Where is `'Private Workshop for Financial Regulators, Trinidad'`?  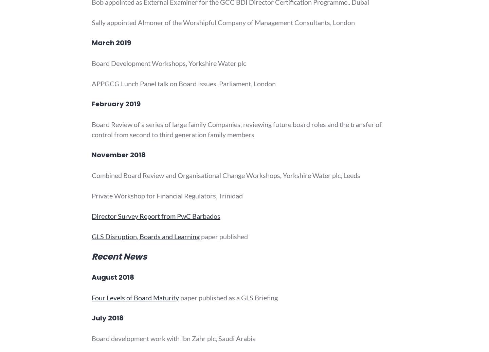 'Private Workshop for Financial Regulators, Trinidad' is located at coordinates (167, 196).